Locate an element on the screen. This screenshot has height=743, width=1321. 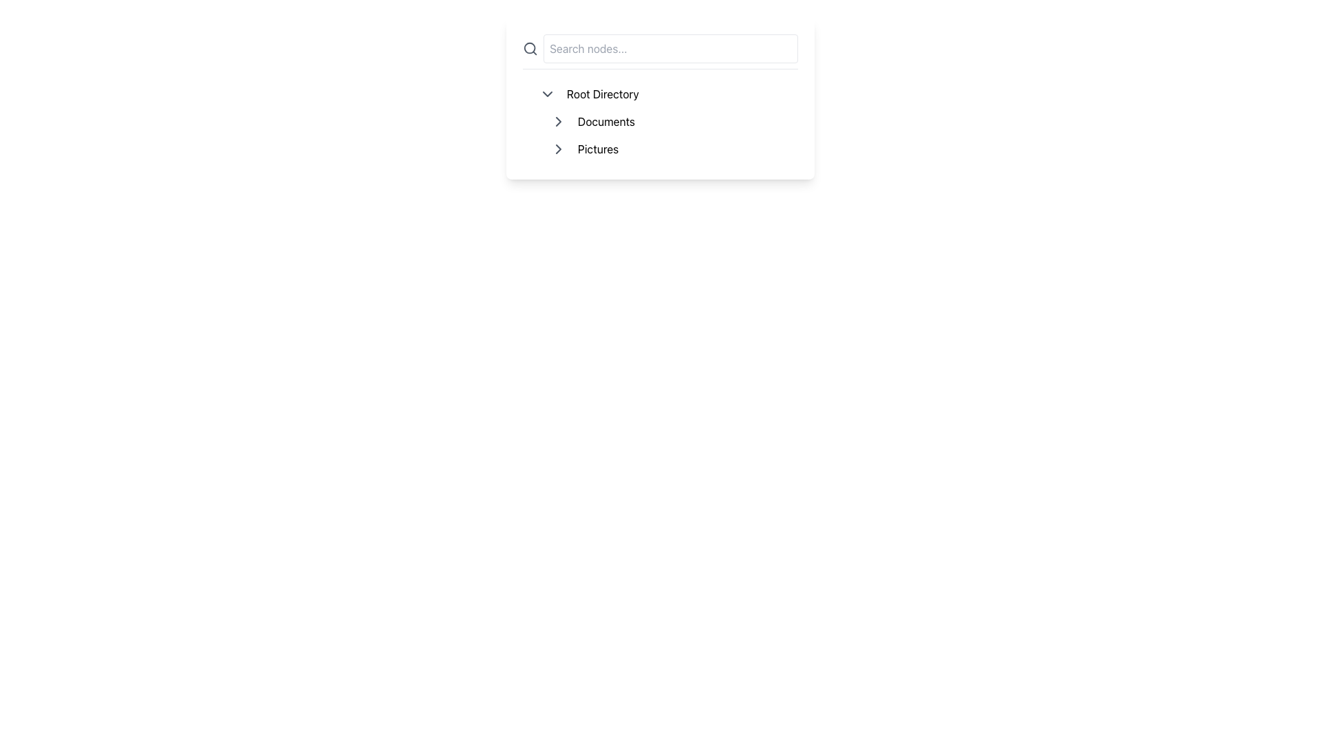
the chevron icon located to the immediate left of the text label 'Documents' to provide visual feedback is located at coordinates (558, 121).